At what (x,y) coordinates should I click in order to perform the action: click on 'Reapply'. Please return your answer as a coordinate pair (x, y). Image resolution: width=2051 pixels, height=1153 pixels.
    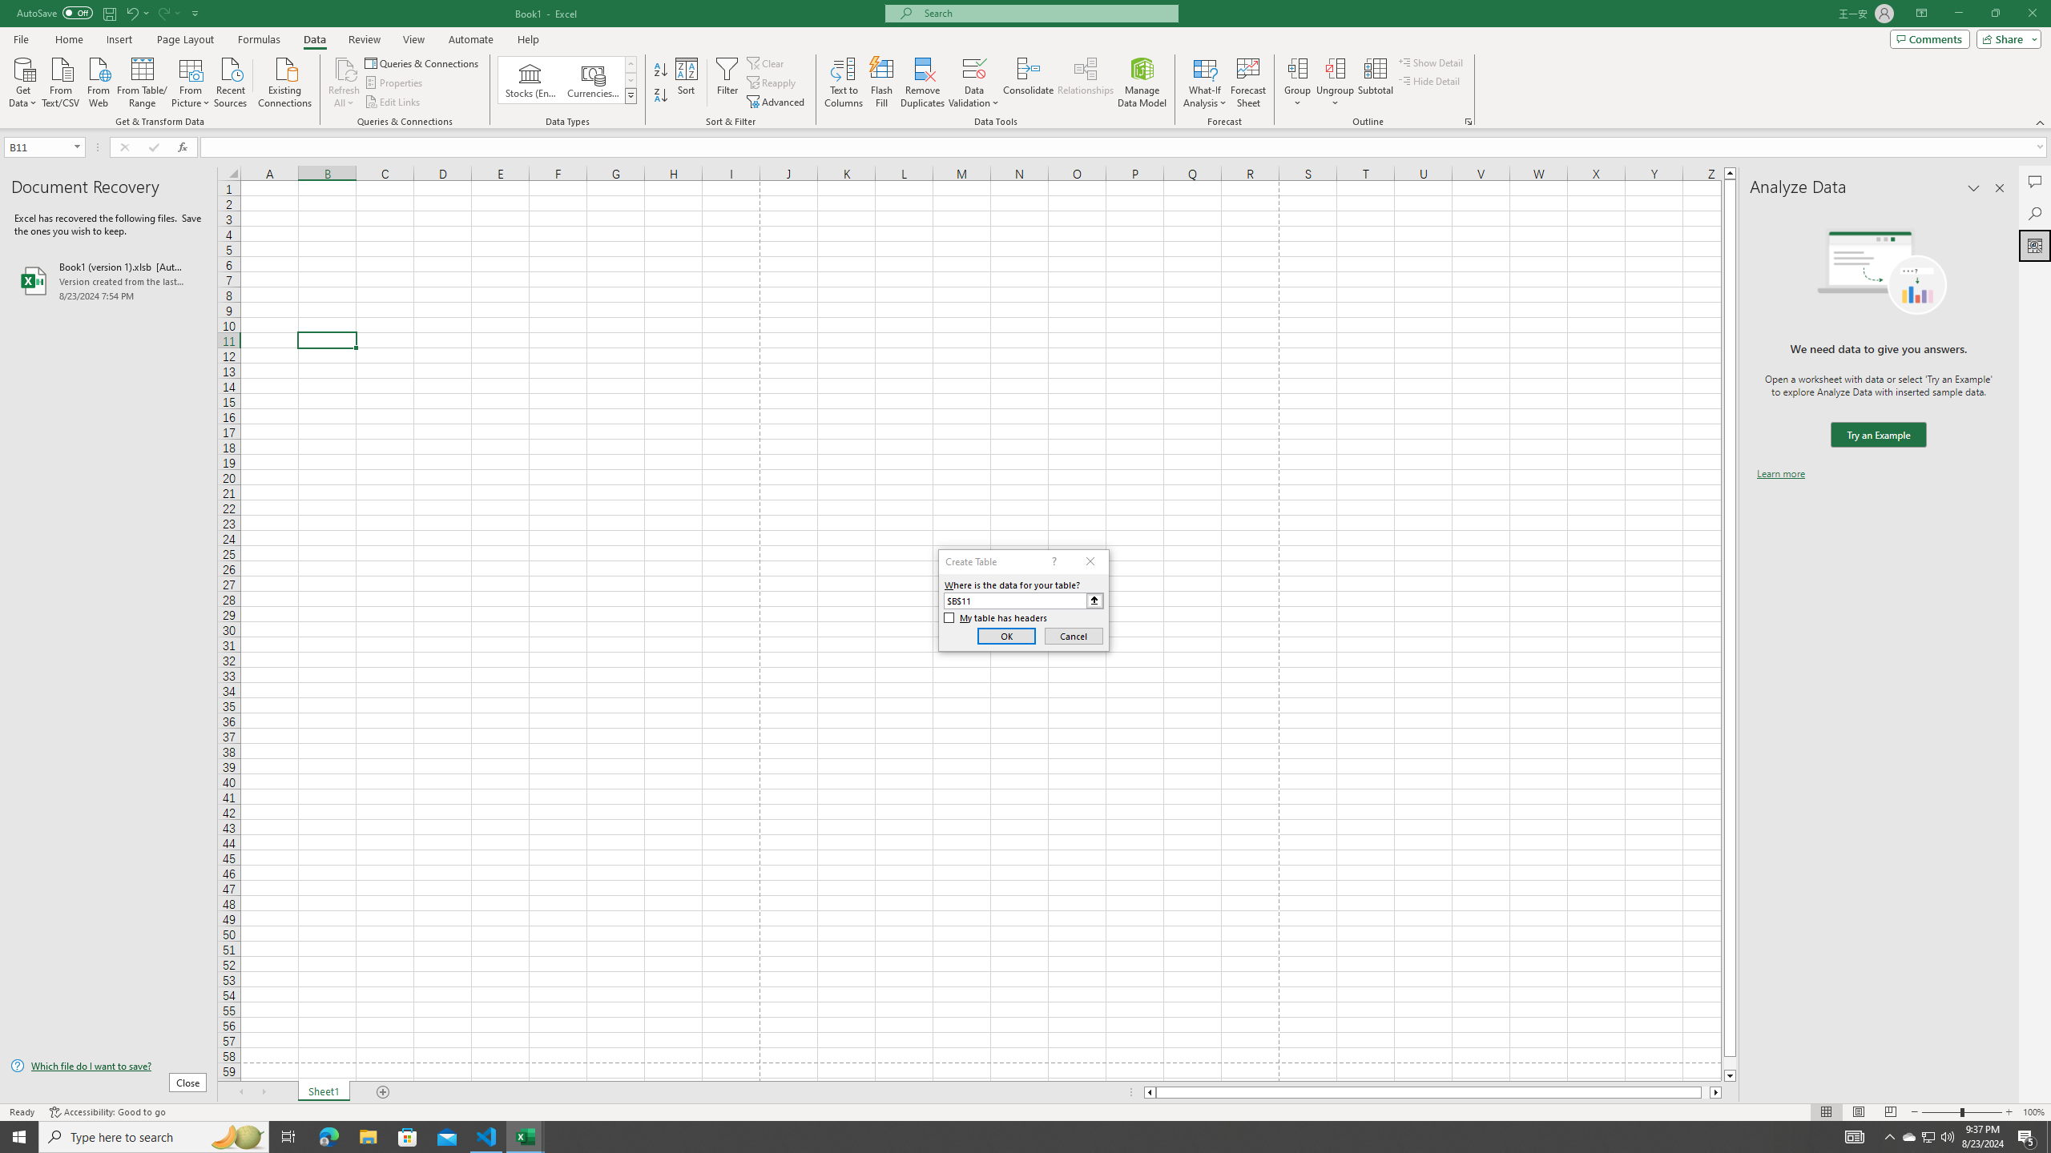
    Looking at the image, I should click on (773, 82).